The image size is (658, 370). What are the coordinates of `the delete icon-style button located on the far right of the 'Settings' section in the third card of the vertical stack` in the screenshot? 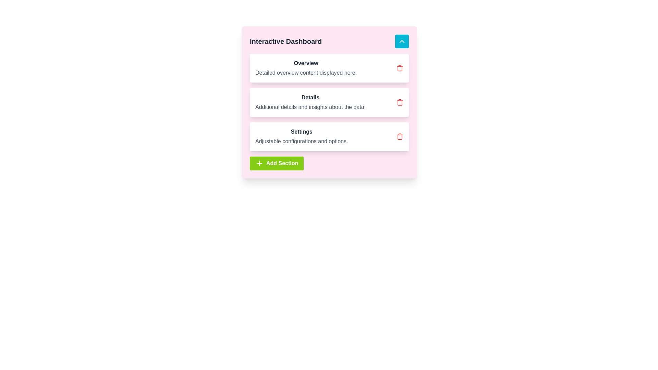 It's located at (400, 136).